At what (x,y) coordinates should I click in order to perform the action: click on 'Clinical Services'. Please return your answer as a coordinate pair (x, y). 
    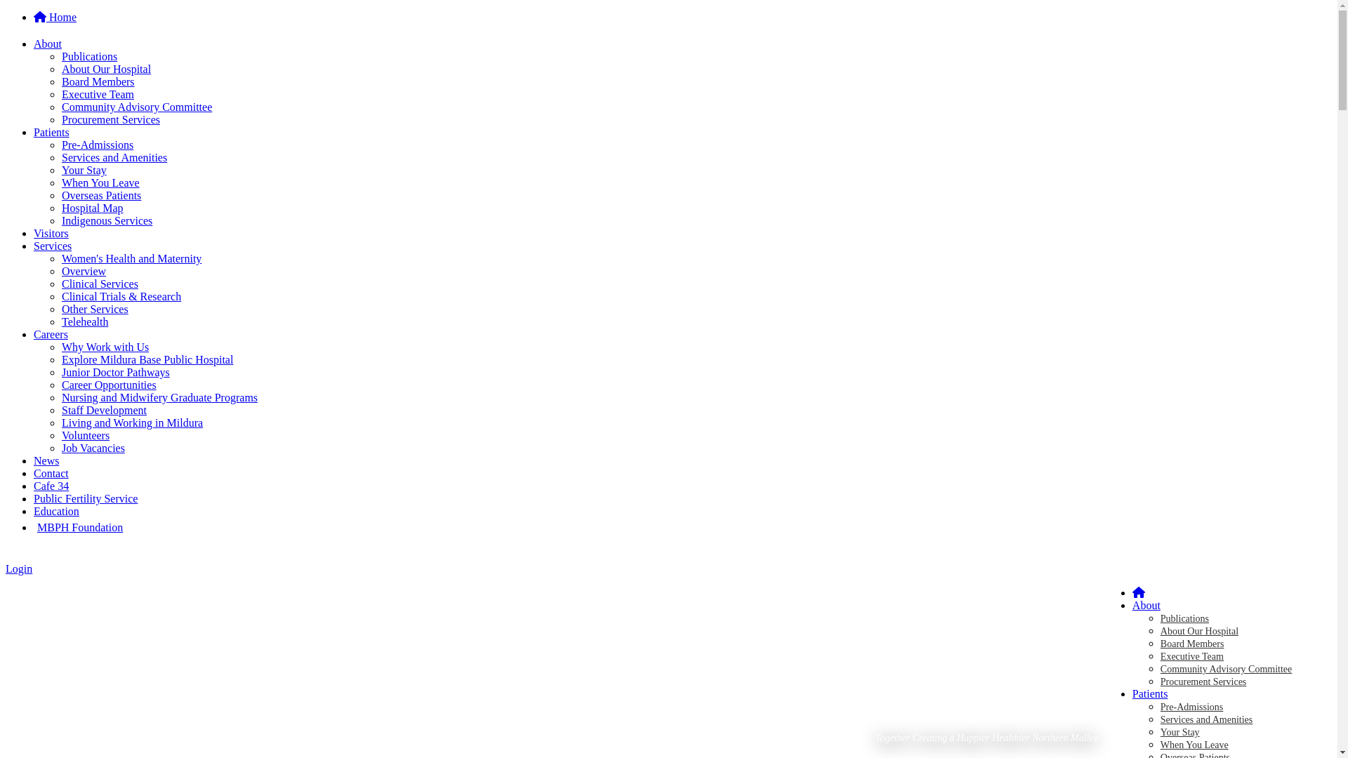
    Looking at the image, I should click on (99, 284).